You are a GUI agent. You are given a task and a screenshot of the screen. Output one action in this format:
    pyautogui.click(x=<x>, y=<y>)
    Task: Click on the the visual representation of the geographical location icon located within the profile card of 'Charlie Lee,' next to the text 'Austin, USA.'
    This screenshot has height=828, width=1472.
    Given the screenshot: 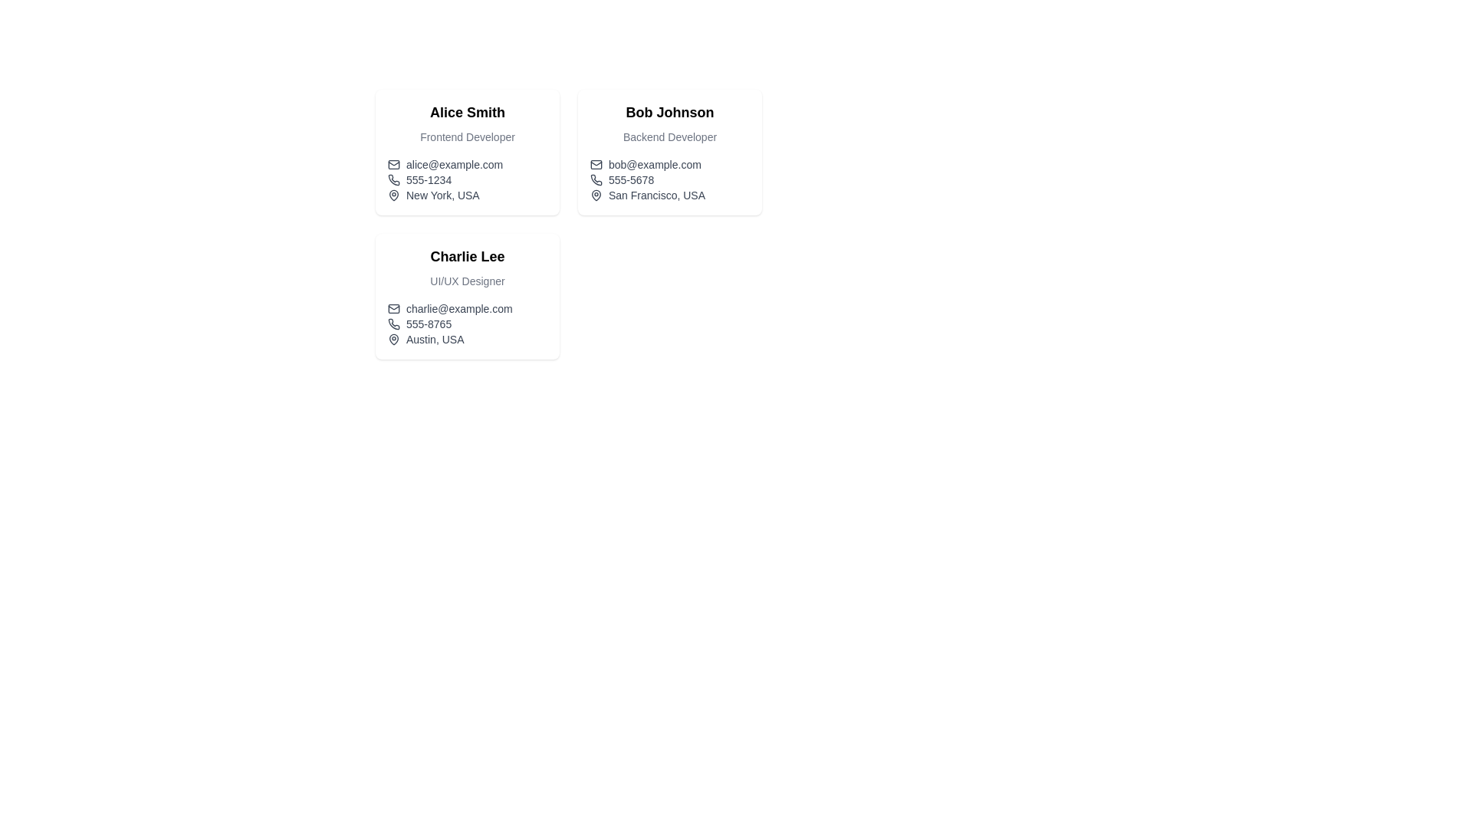 What is the action you would take?
    pyautogui.click(x=393, y=339)
    